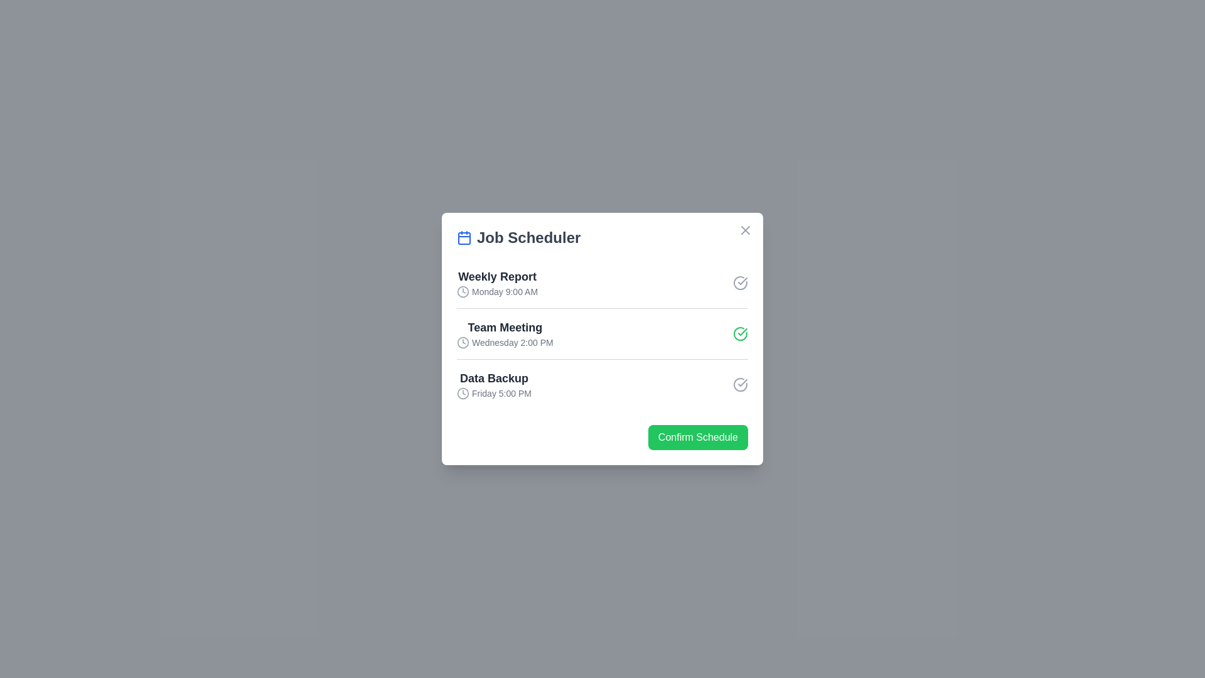  I want to click on 'Confirm Schedule' button to confirm the schedule, so click(697, 437).